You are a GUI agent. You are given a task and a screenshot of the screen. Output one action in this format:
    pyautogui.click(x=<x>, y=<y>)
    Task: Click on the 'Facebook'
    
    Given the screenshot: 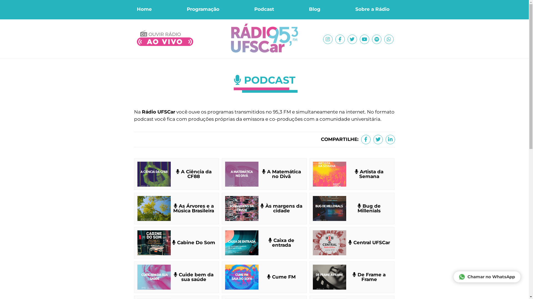 What is the action you would take?
    pyautogui.click(x=365, y=139)
    